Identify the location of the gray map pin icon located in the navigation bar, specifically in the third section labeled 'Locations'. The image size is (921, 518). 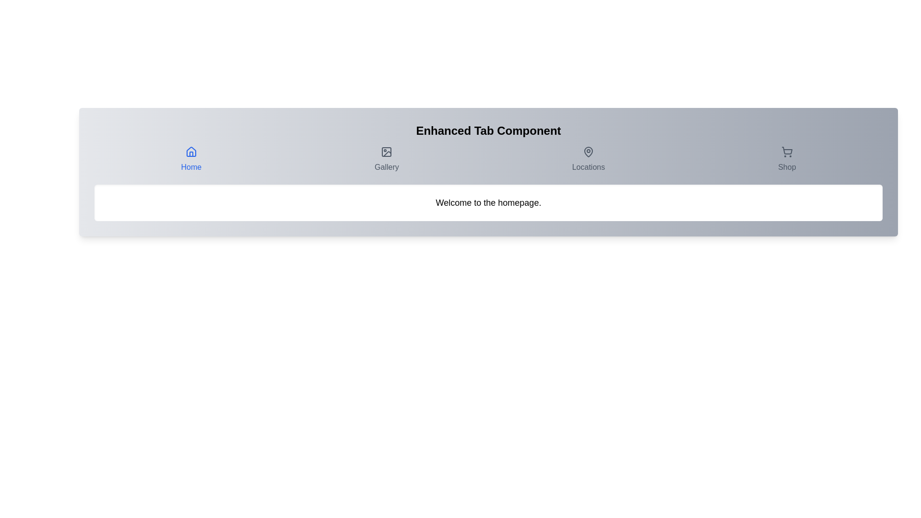
(588, 151).